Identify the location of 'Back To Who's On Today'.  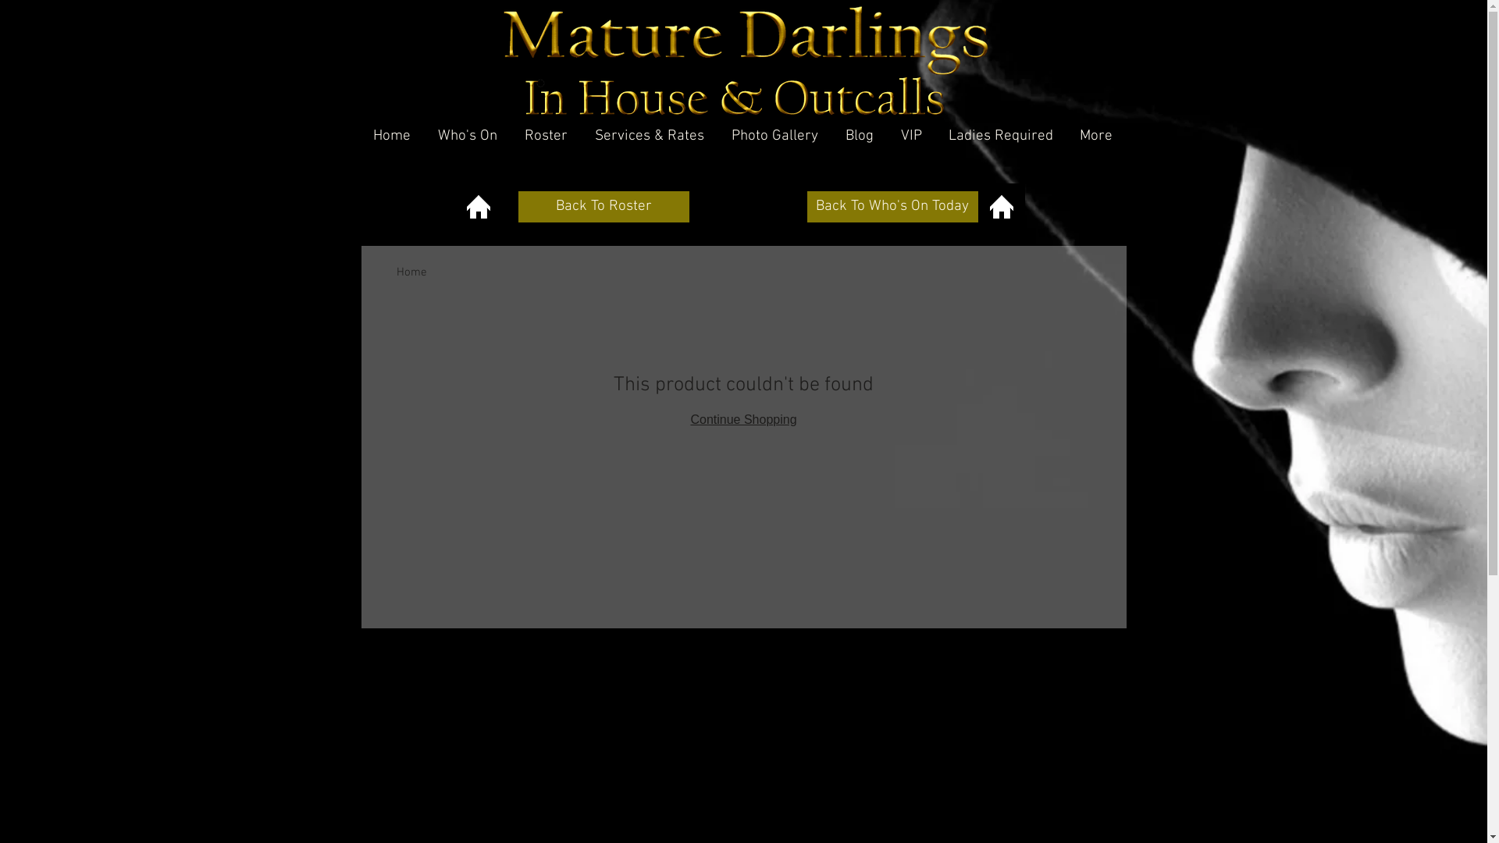
(892, 206).